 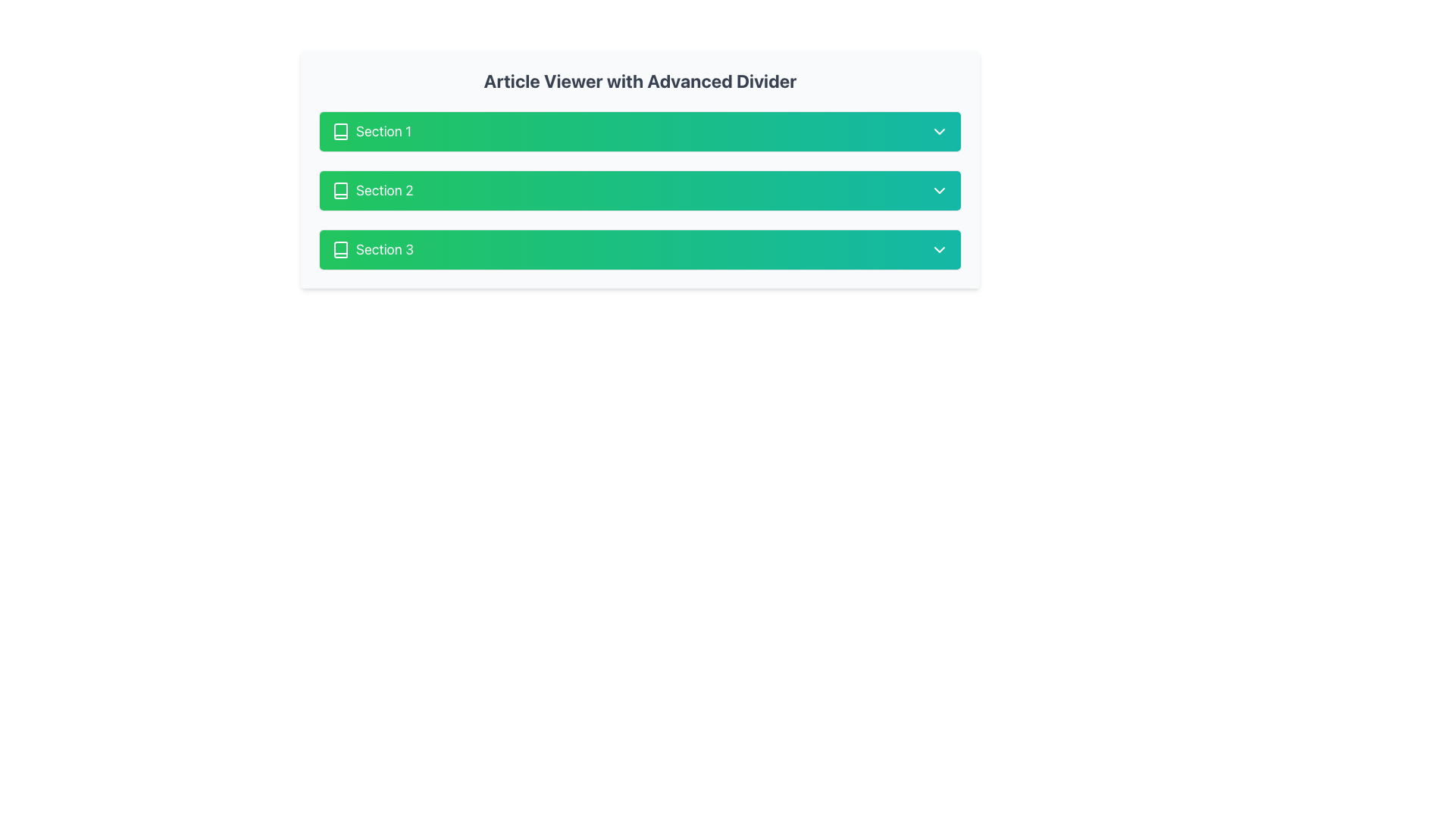 What do you see at coordinates (938, 249) in the screenshot?
I see `the downward-pointing chevron icon, which is white in color and located at the far right of 'Section 3'` at bounding box center [938, 249].